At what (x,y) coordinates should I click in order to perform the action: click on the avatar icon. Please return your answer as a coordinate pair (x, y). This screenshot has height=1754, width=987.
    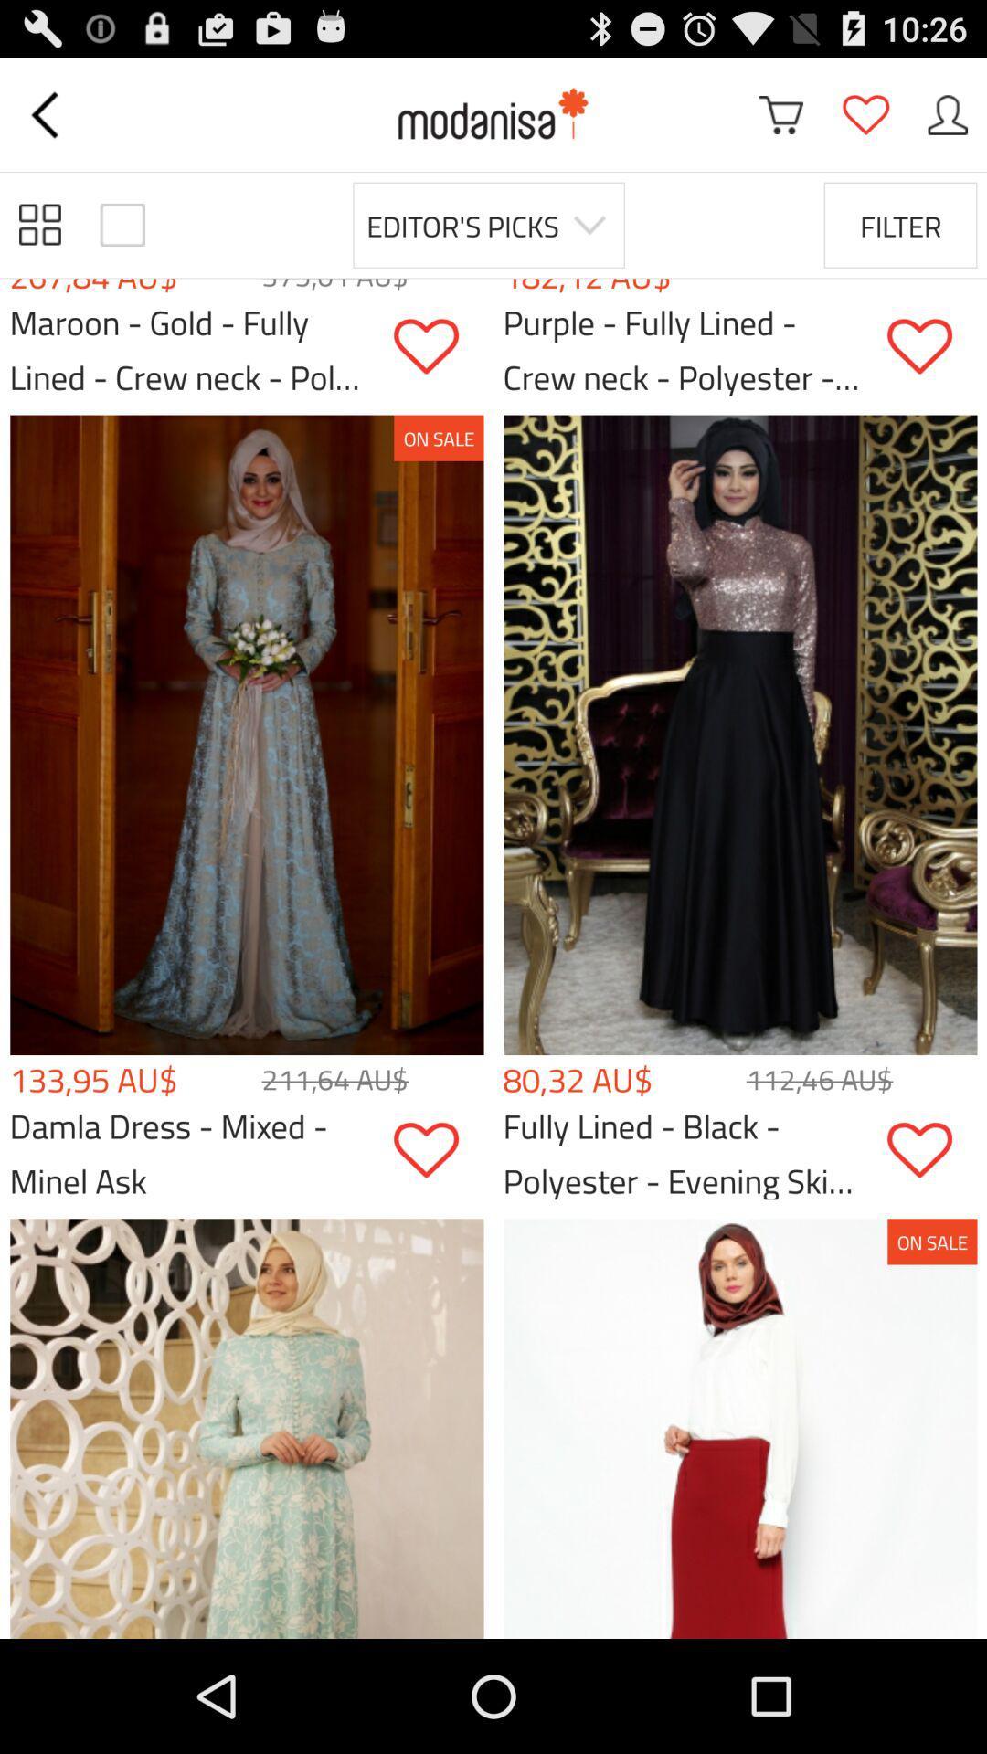
    Looking at the image, I should click on (947, 122).